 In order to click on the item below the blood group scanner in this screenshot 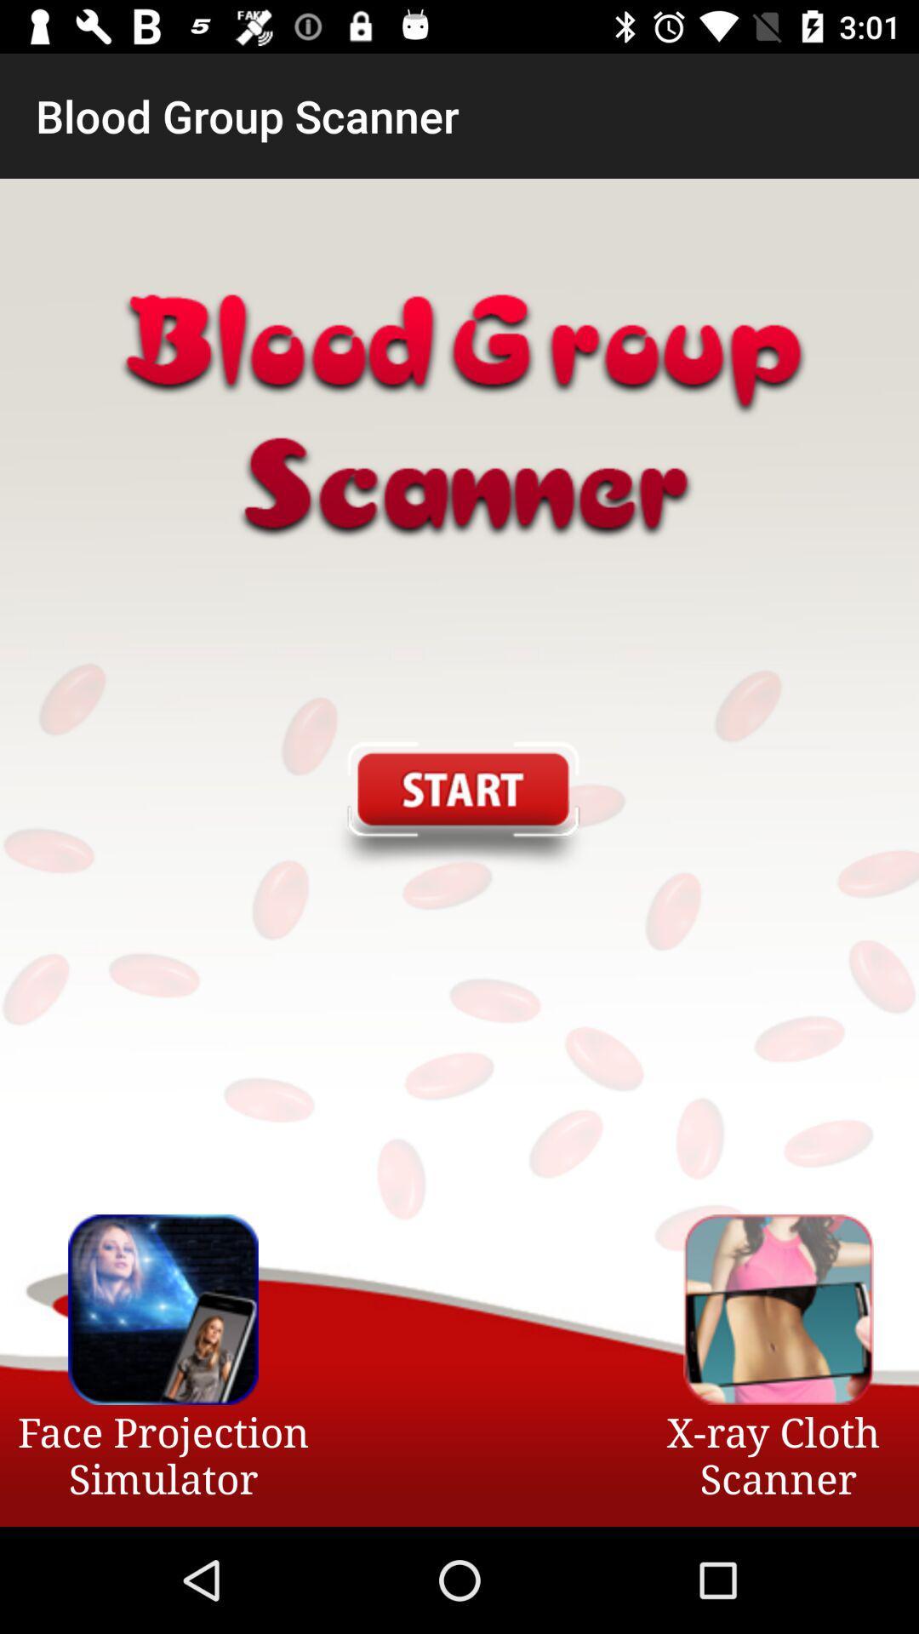, I will do `click(458, 807)`.